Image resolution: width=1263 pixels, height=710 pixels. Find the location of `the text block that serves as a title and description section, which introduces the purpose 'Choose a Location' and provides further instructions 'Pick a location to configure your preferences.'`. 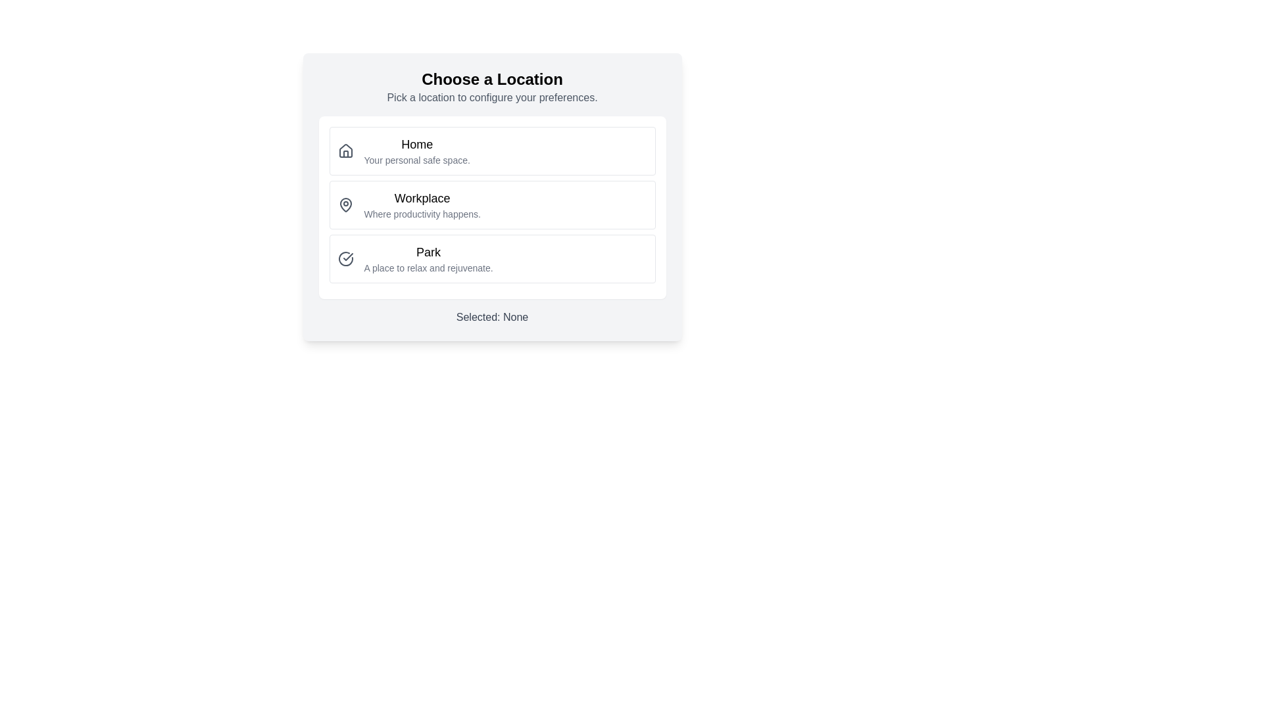

the text block that serves as a title and description section, which introduces the purpose 'Choose a Location' and provides further instructions 'Pick a location to configure your preferences.' is located at coordinates (491, 87).